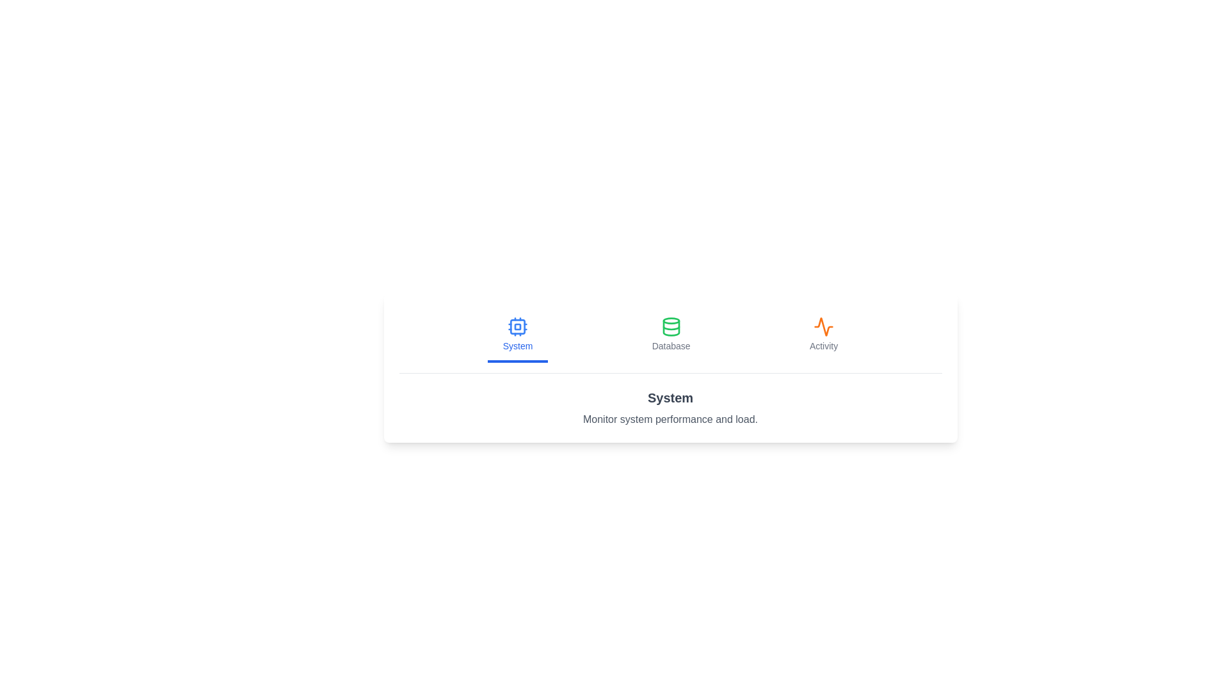 The height and width of the screenshot is (691, 1229). Describe the element at coordinates (823, 335) in the screenshot. I see `the Activity tab by clicking its button` at that location.